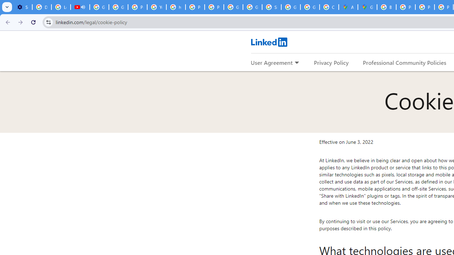 Image resolution: width=454 pixels, height=255 pixels. I want to click on 'Mute tab', so click(83, 7).